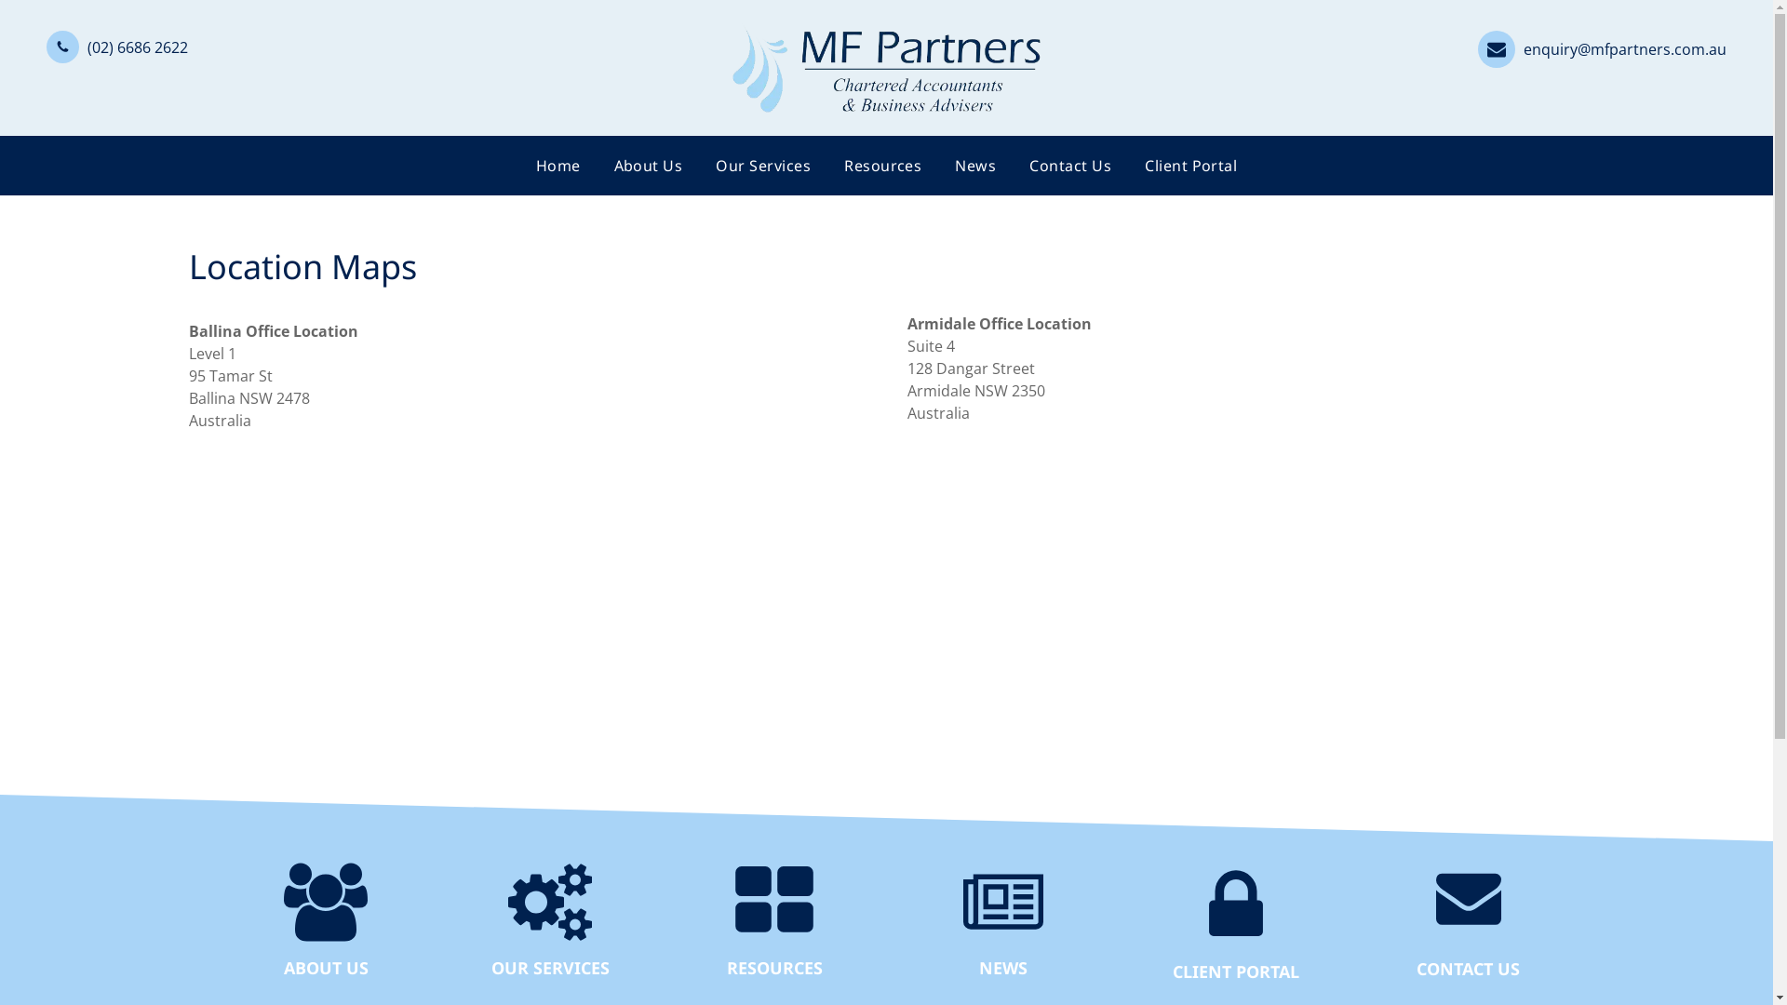  What do you see at coordinates (558, 164) in the screenshot?
I see `'Home'` at bounding box center [558, 164].